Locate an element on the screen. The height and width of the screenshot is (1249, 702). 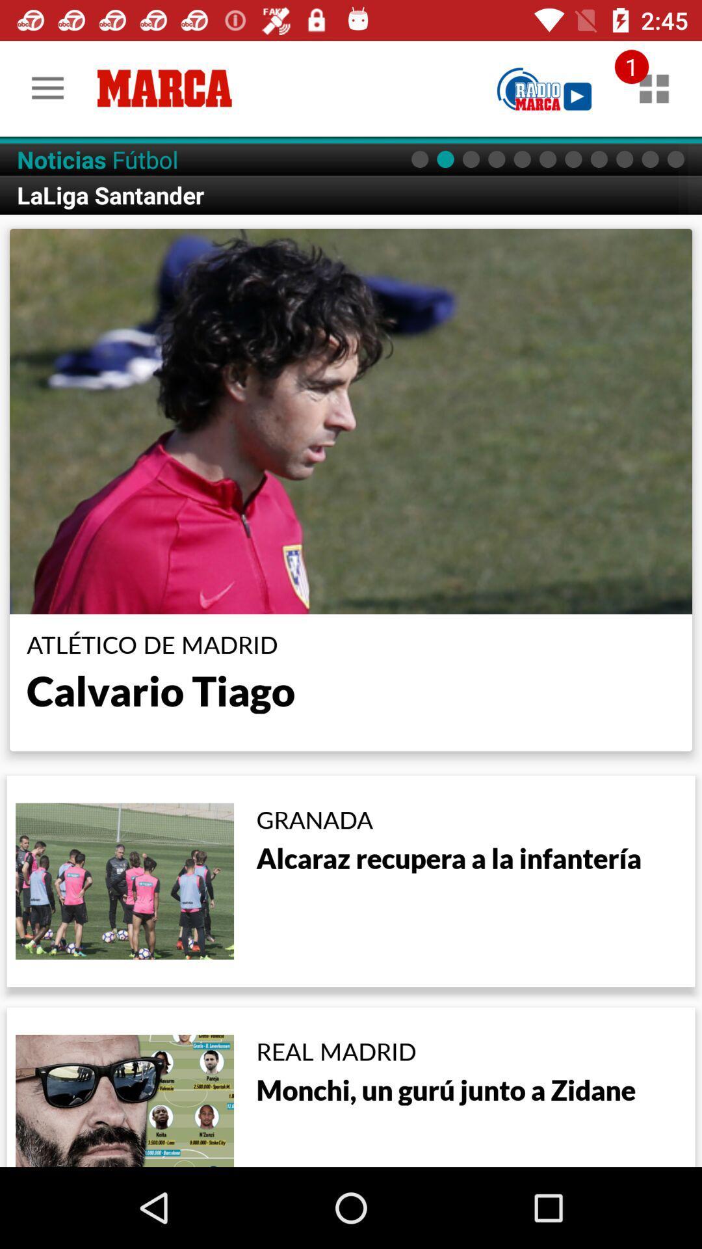
check alert is located at coordinates (654, 88).